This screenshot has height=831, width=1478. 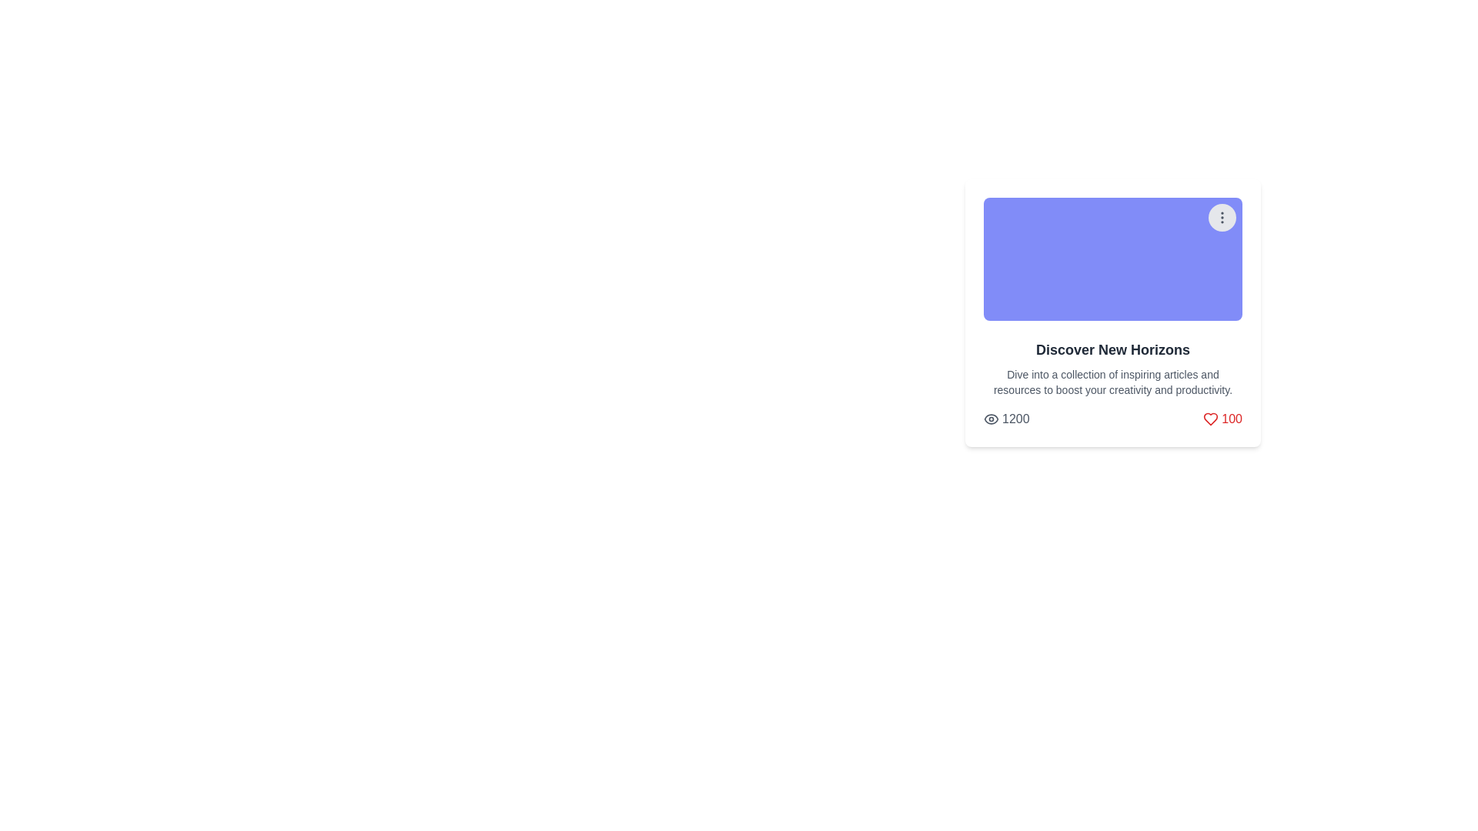 What do you see at coordinates (1210, 419) in the screenshot?
I see `the heart-shaped icon outlined in red that represents a 'favorite' or 'like' action, located next to the text '100' in the bottom right corner of the card interface` at bounding box center [1210, 419].